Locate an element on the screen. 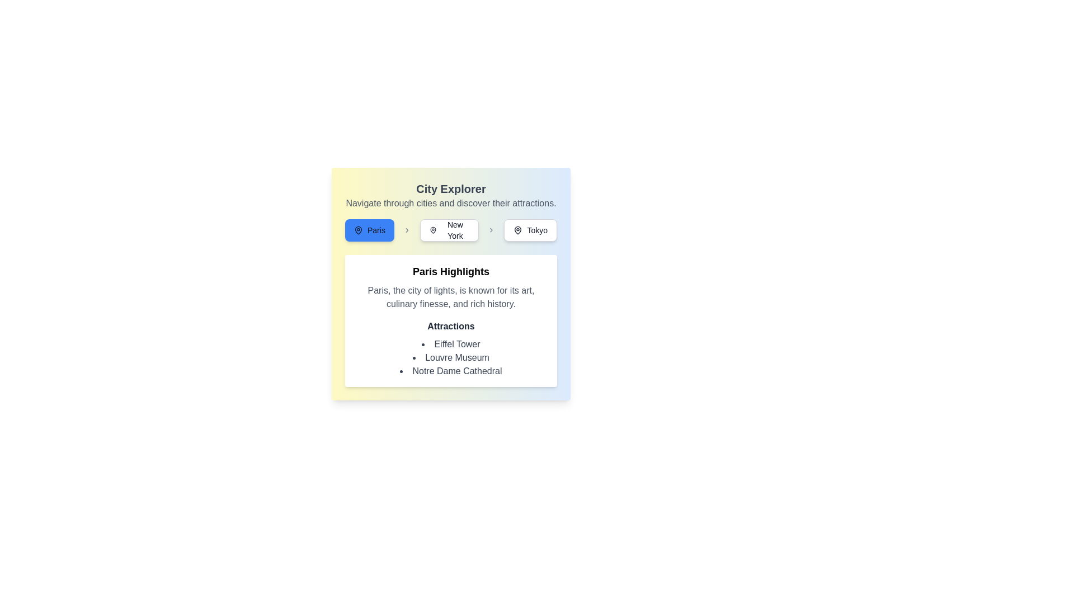 This screenshot has height=604, width=1074. the interactive button containing the text label 'New York' which is located below a location pin icon is located at coordinates (455, 230).